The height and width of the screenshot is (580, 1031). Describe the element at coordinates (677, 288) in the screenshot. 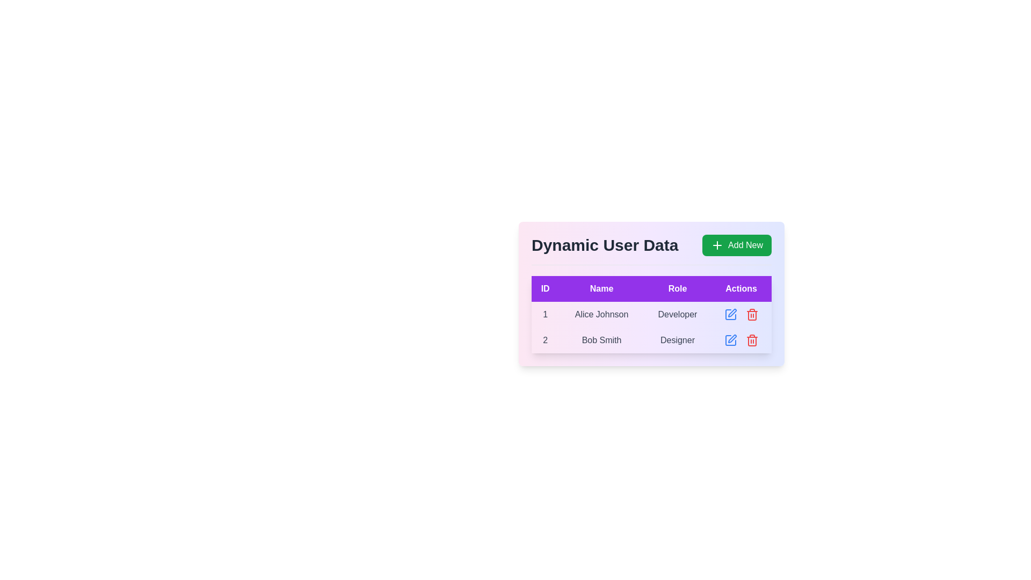

I see `the 'Role' column header in the user data table, which is the third column header between 'Name' and 'Actions'` at that location.